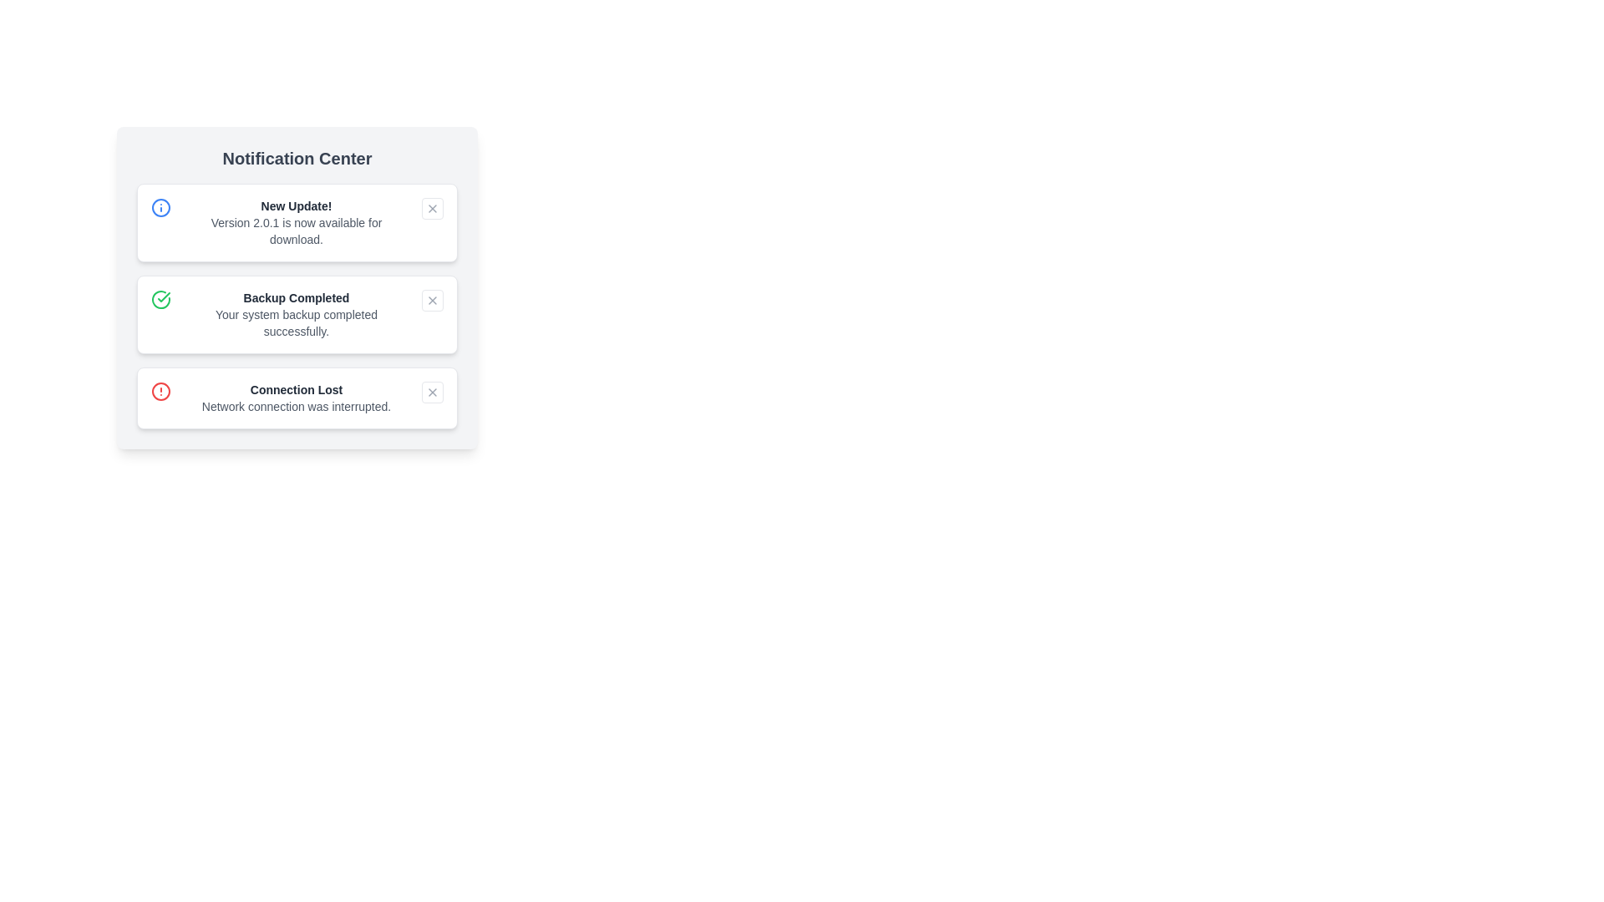  Describe the element at coordinates (297, 221) in the screenshot. I see `the interactive close button adjacent to the text information block that informs about the new application update (Version 2.0.1) located in the notification card at the top of the notification list` at that location.